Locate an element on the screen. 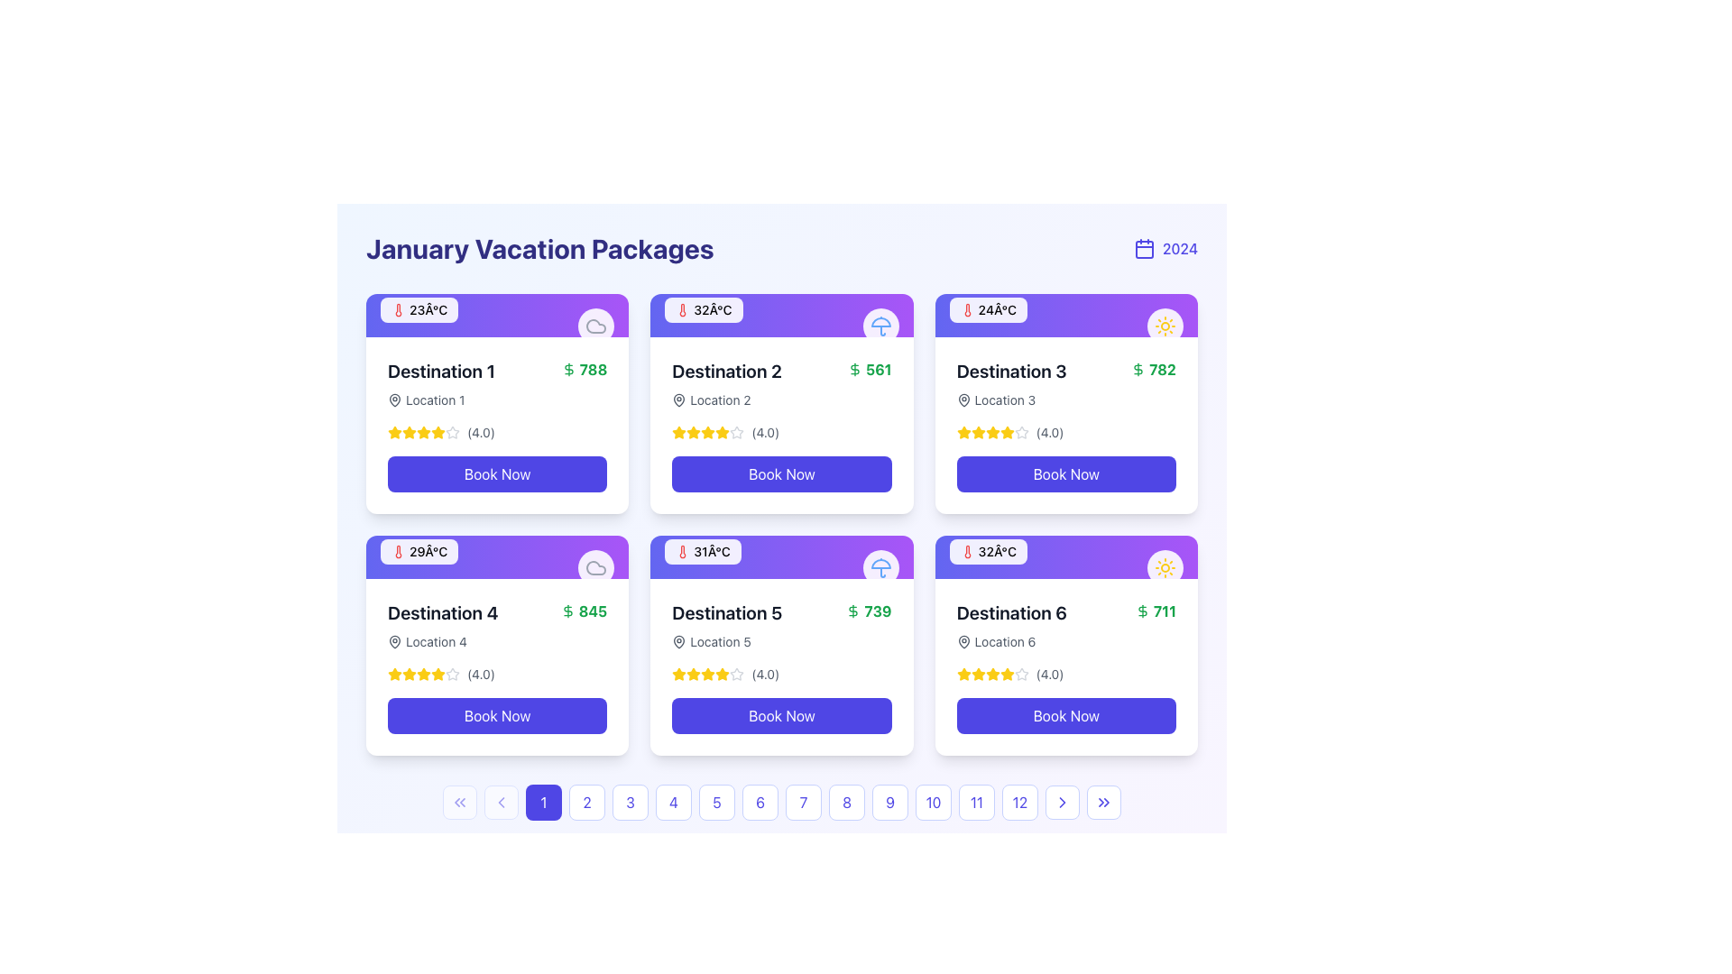 The width and height of the screenshot is (1732, 974). the weather icon located at the top-right corner of the second card in the second row of the grid layout is located at coordinates (880, 566).